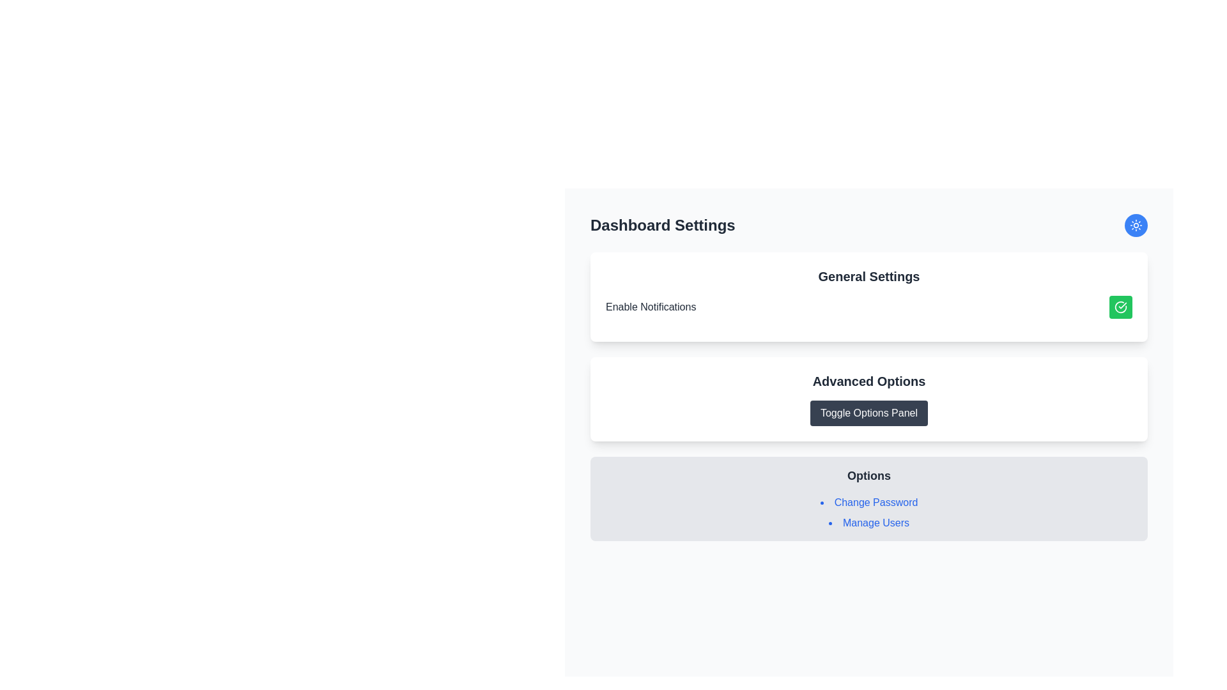 Image resolution: width=1227 pixels, height=690 pixels. I want to click on the navigational link for initiating a password change process, located above the 'Manage Users' option in the 'Options' section, so click(868, 502).